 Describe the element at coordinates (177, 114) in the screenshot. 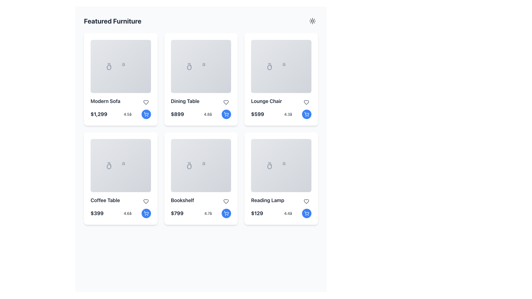

I see `text label displaying the price '$899' which is styled boldly and positioned in the second card of the grid under the 'Dining Table' title` at that location.